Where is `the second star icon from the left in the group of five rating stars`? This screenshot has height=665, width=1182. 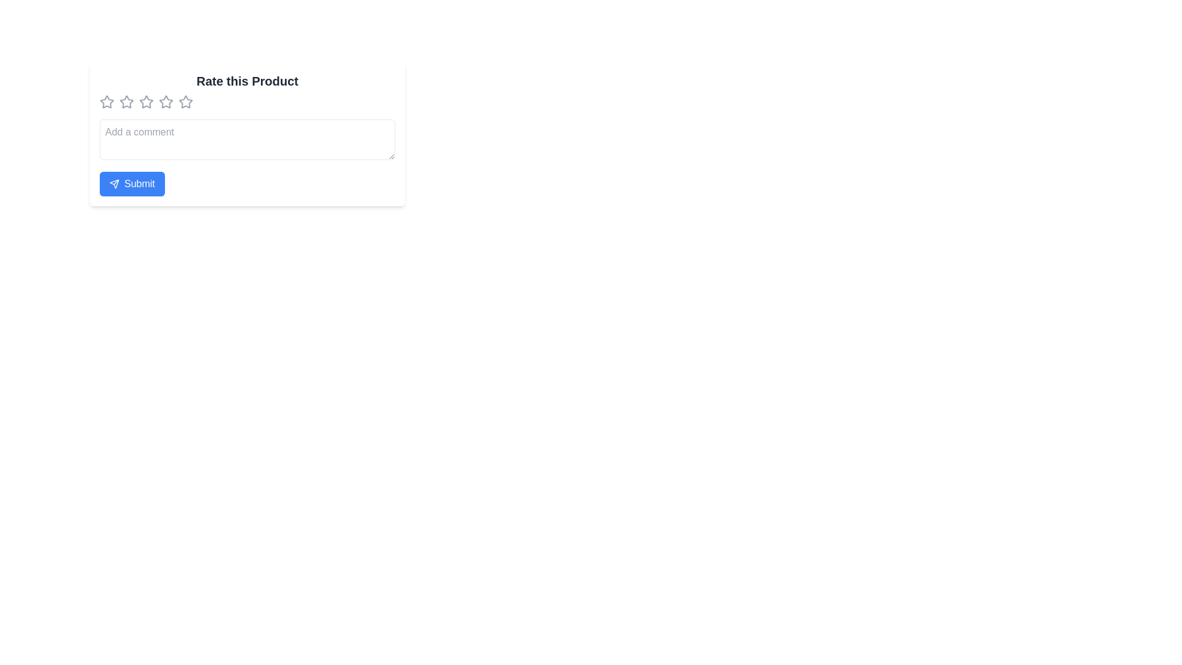 the second star icon from the left in the group of five rating stars is located at coordinates (127, 101).